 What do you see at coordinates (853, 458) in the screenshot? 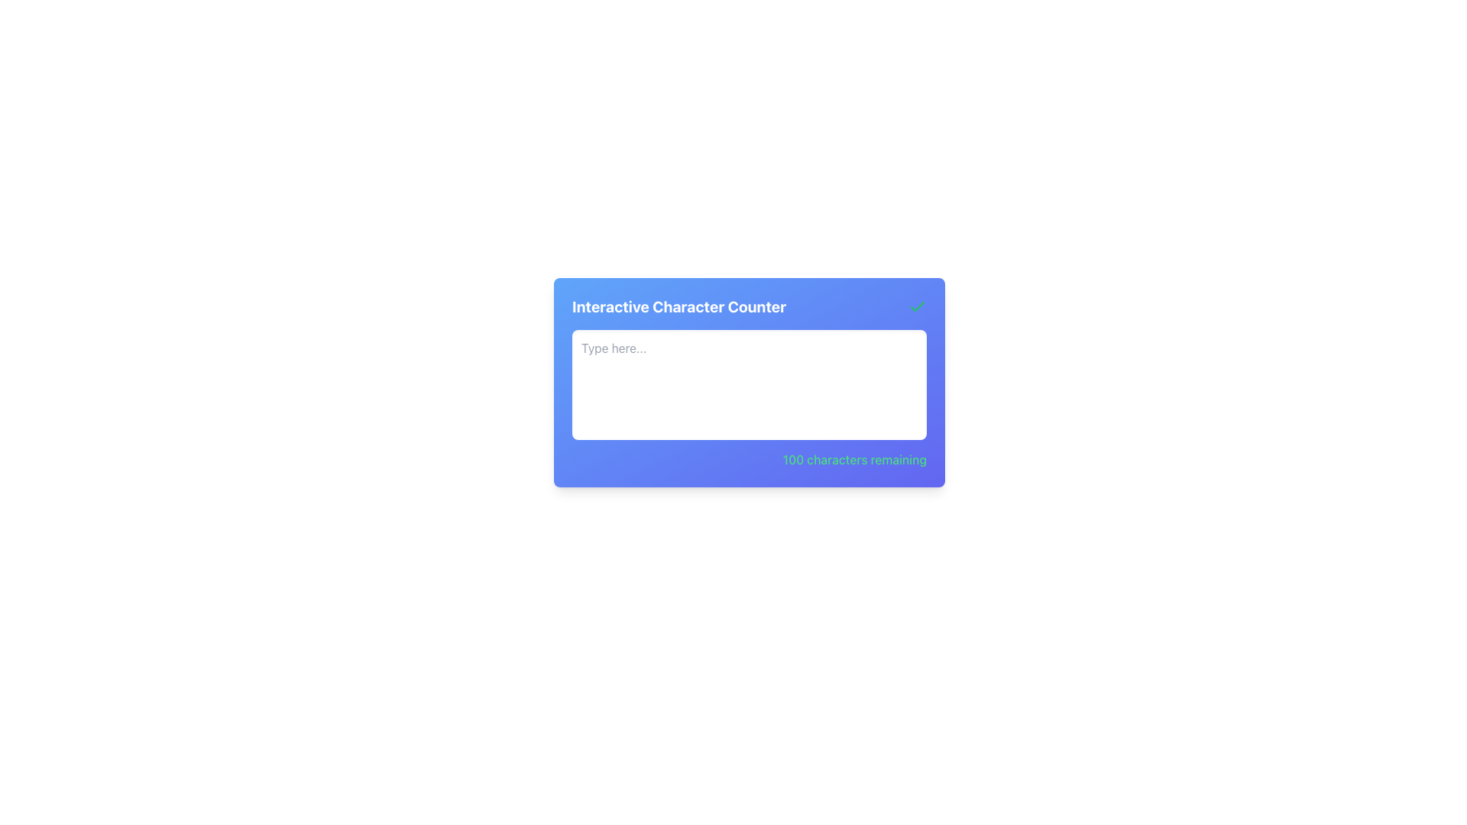
I see `the character count feedback text label located in the bottom-right corner of the 'Interactive Character Counter' interface` at bounding box center [853, 458].